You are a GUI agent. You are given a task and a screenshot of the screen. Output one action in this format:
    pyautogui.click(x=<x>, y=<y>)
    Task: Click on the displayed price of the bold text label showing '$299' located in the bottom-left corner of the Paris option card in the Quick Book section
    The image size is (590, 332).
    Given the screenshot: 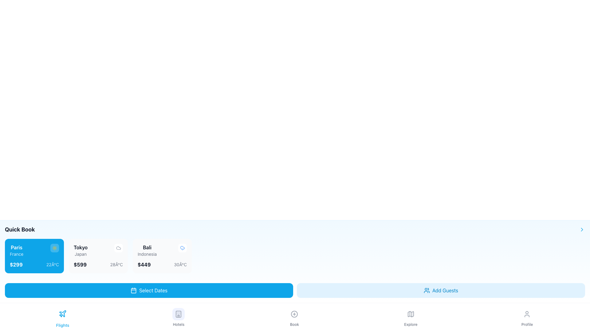 What is the action you would take?
    pyautogui.click(x=16, y=264)
    